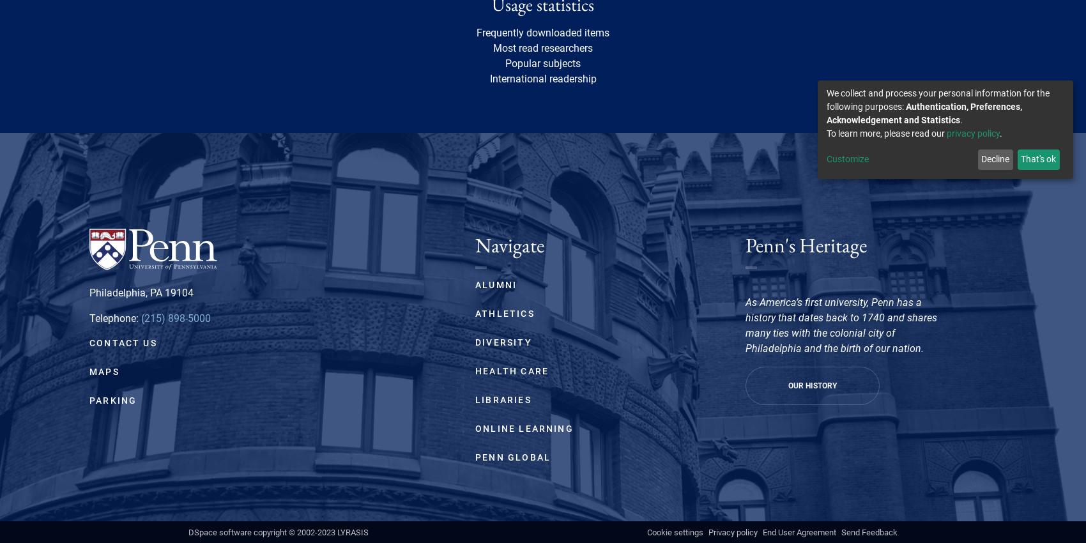  I want to click on 'Penn's Heritage', so click(806, 245).